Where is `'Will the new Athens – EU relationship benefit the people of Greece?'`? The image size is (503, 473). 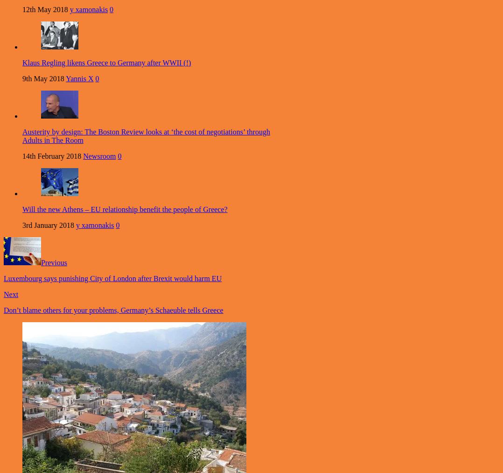
'Will the new Athens – EU relationship benefit the people of Greece?' is located at coordinates (124, 209).